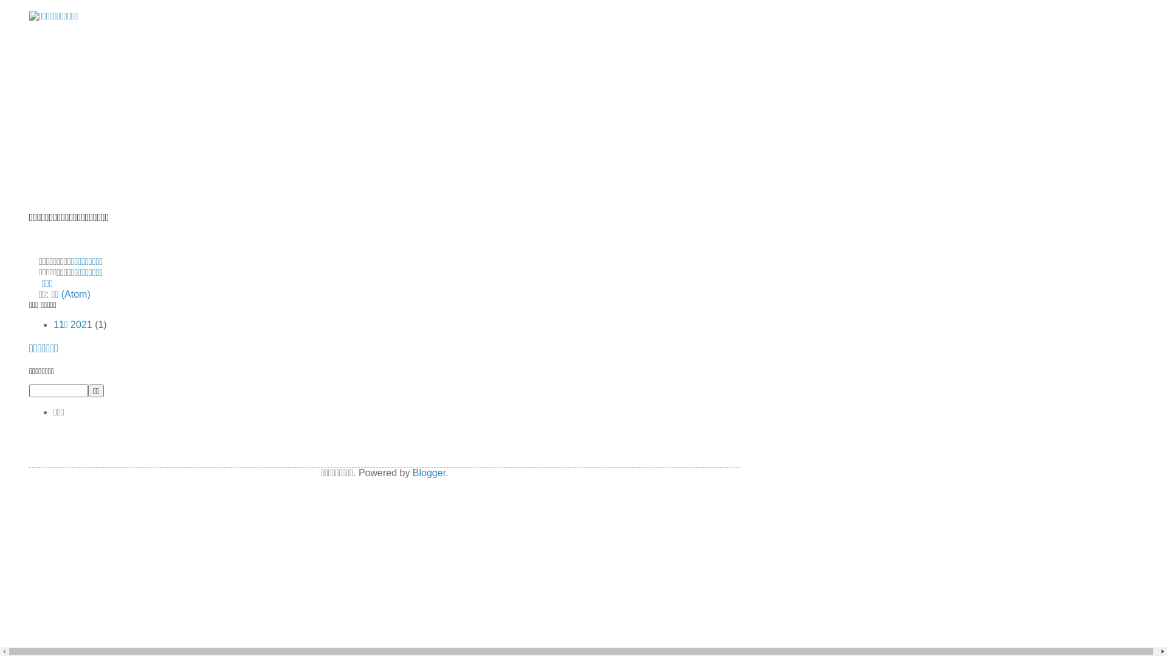 The image size is (1167, 656). What do you see at coordinates (95, 391) in the screenshot?
I see `'search'` at bounding box center [95, 391].